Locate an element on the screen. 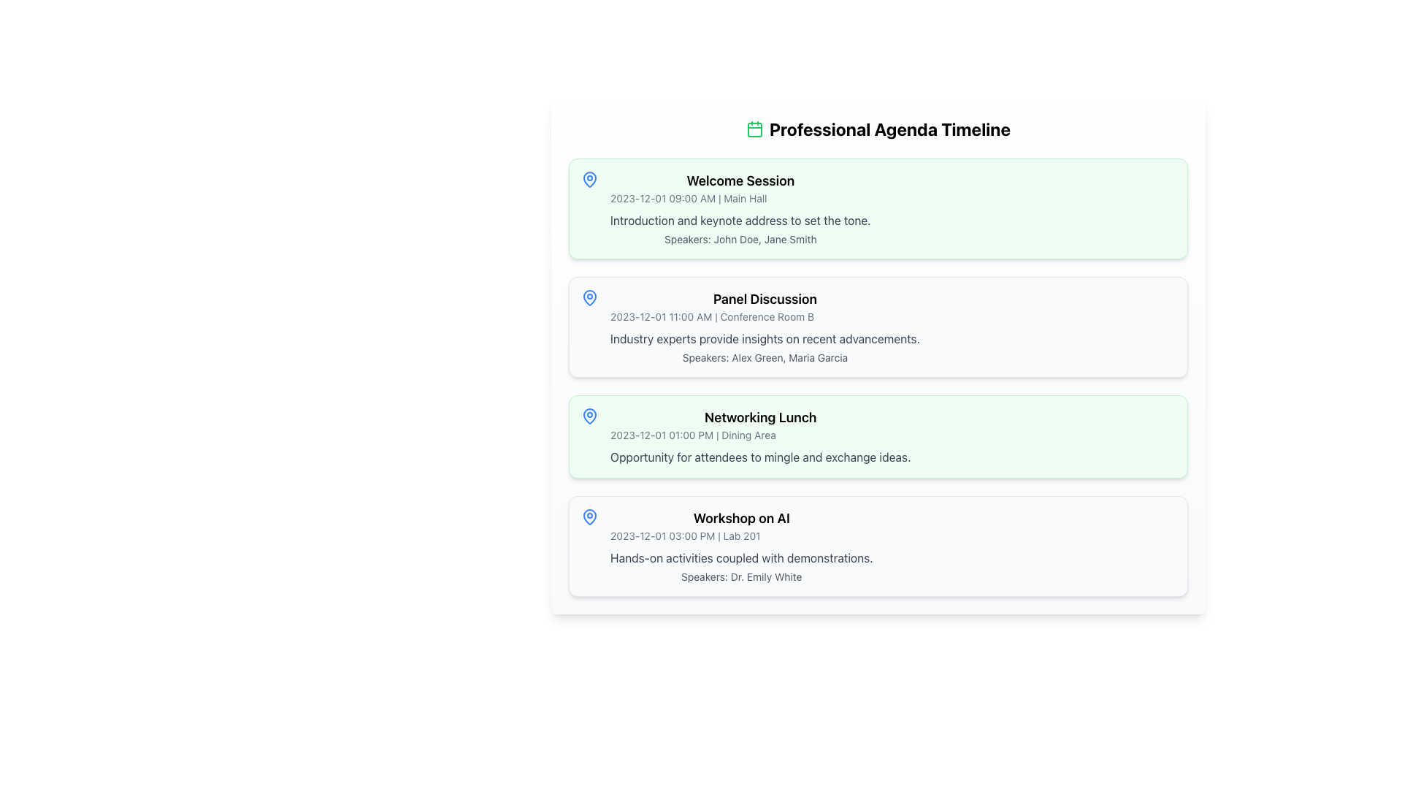 Image resolution: width=1402 pixels, height=789 pixels. information provided in the static text element that displays 'Industry experts provide insights on recent advancements.' is located at coordinates (764, 338).